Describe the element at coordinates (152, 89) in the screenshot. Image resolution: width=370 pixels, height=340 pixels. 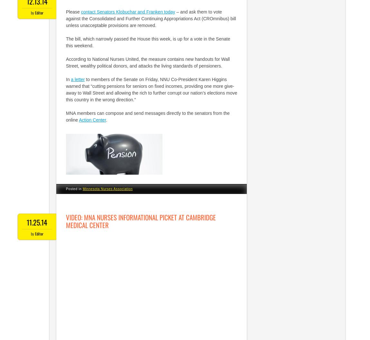
I see `'to members of the Senate on Friday, NNU Co-President Karen Higgins warned that “cutting pensions for seniors on fixed incomes, providing one more give-away to Wall Street and allowing the rich to further corrupt our nation’s elections move this country in the wrong direction.”'` at that location.